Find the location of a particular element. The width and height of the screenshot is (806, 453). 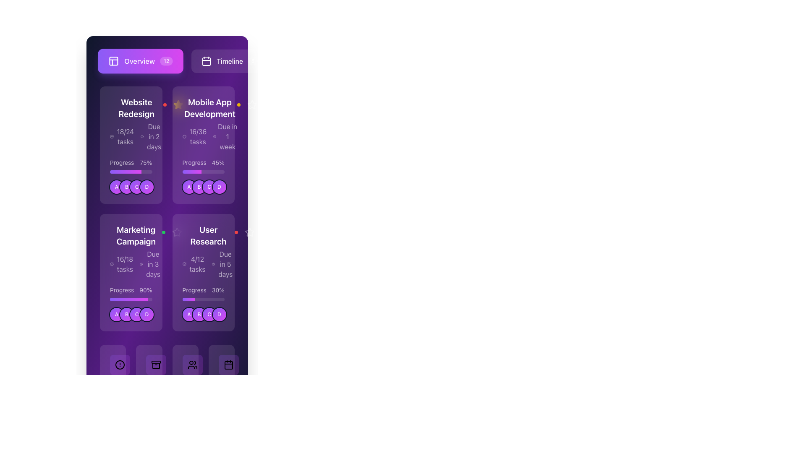

the progress bar located within the 'Website Redesign' card, which is a narrow horizontal bar filled partially in a gradient from violet to fuchsia, situated below the 'Progress 75%' label is located at coordinates (131, 171).